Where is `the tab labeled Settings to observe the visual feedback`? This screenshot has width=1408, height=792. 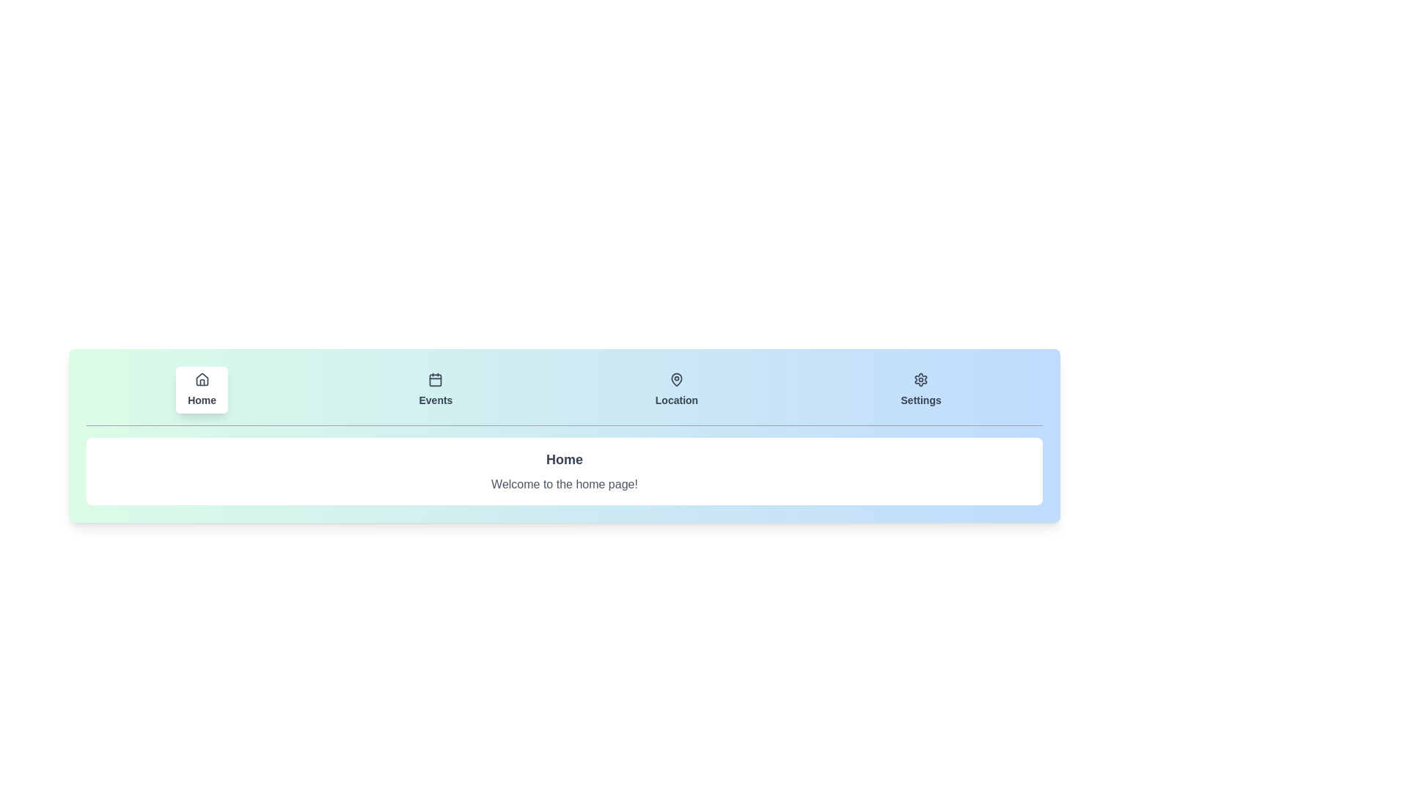
the tab labeled Settings to observe the visual feedback is located at coordinates (920, 389).